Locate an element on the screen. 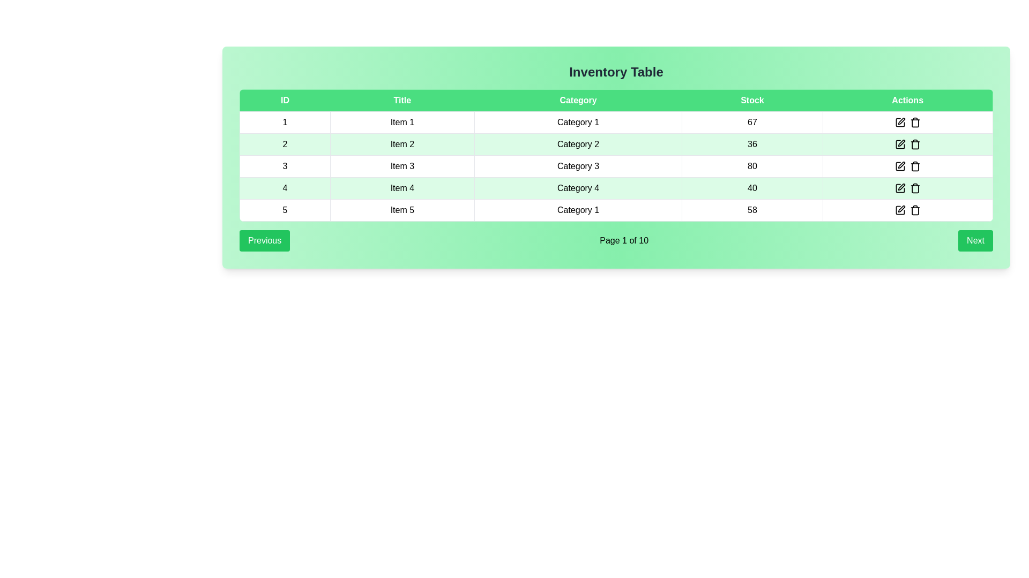 This screenshot has height=578, width=1029. the table cell displaying the title of the item is located at coordinates (401, 166).